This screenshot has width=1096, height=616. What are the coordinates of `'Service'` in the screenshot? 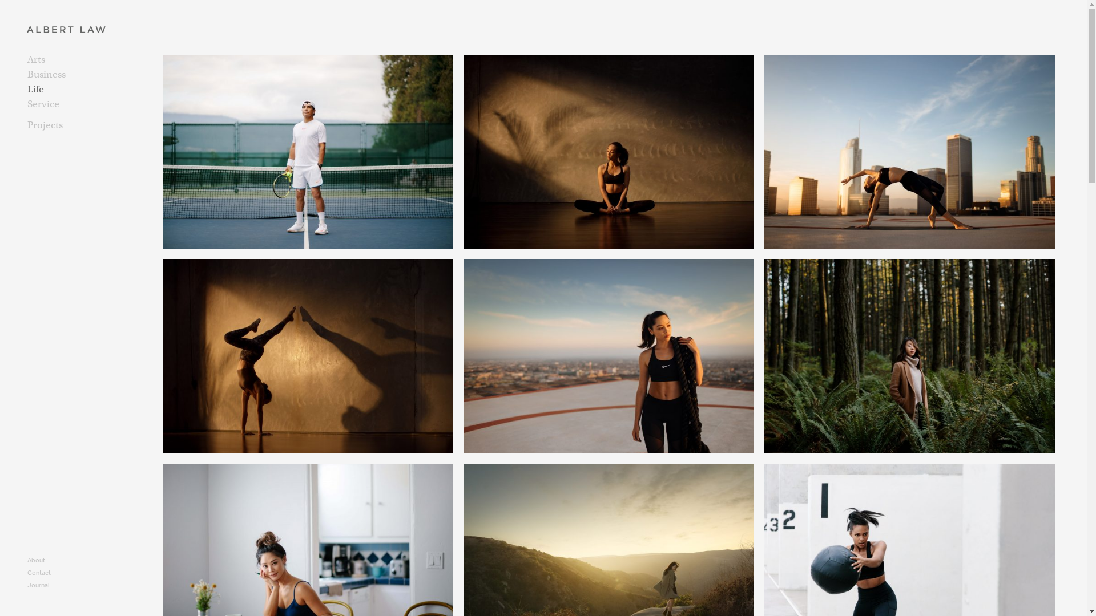 It's located at (27, 104).